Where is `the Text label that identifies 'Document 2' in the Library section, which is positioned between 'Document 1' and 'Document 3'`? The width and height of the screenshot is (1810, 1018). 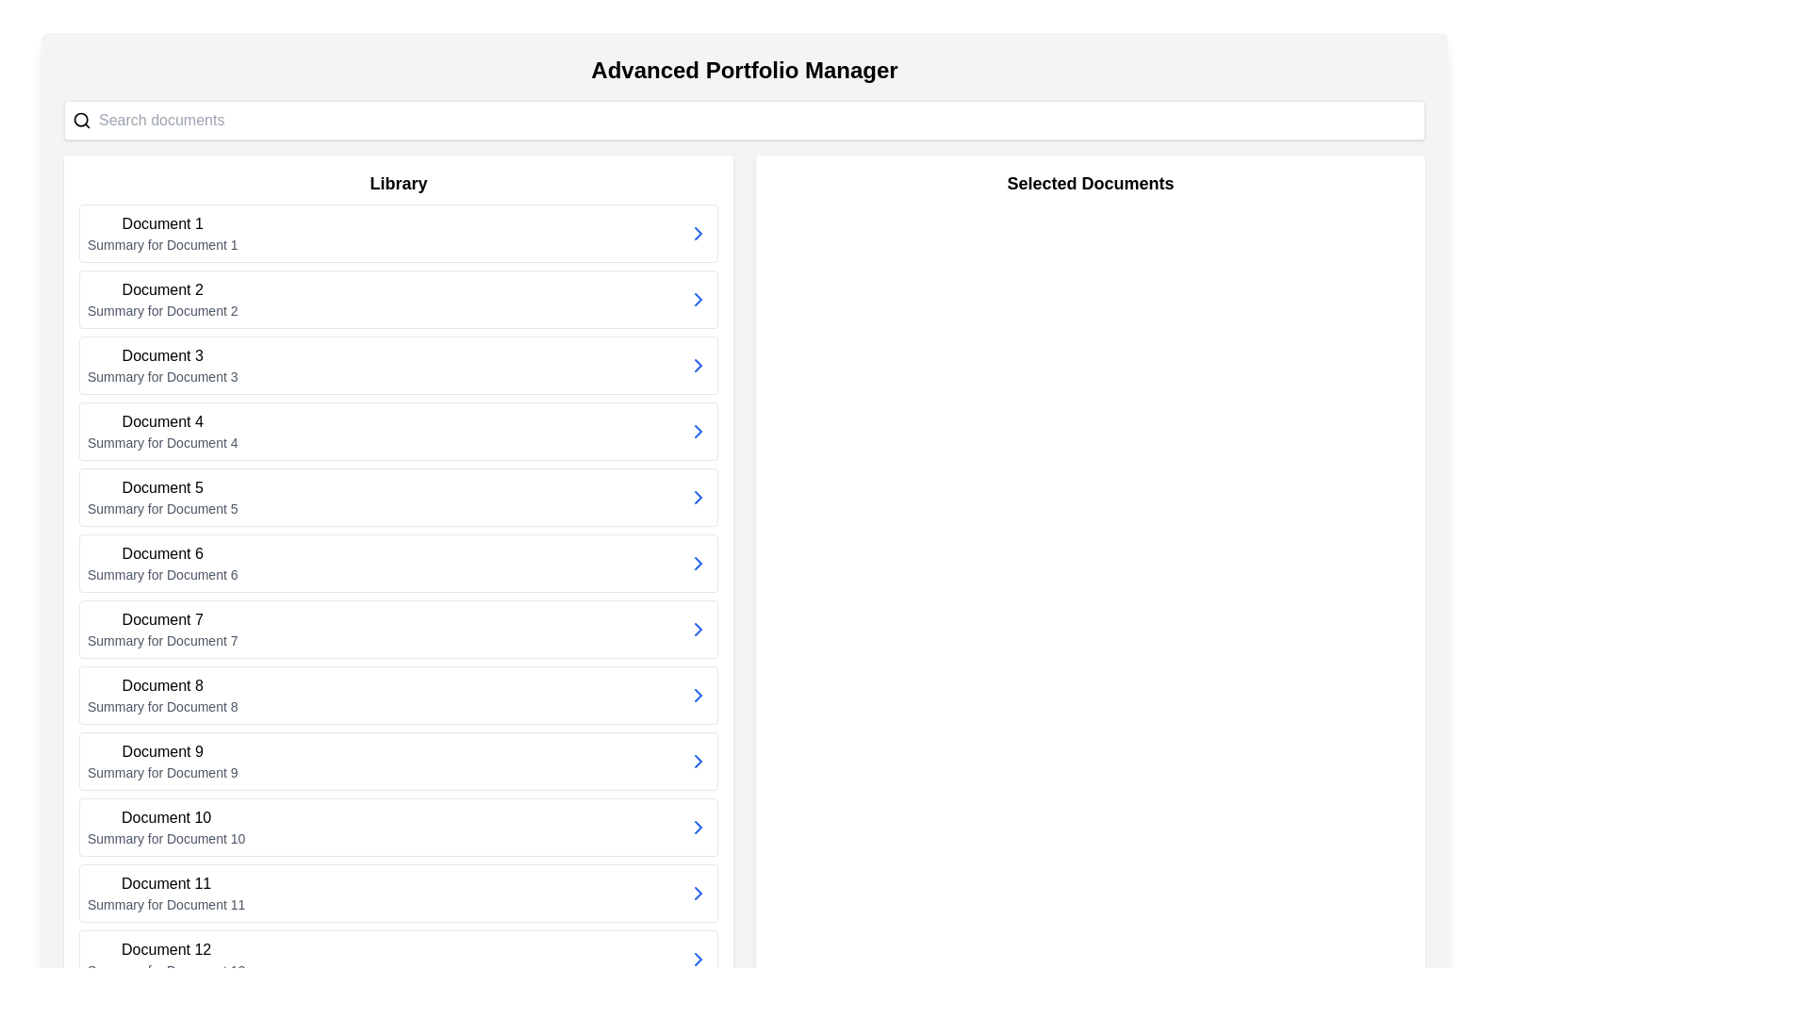
the Text label that identifies 'Document 2' in the Library section, which is positioned between 'Document 1' and 'Document 3' is located at coordinates (162, 290).